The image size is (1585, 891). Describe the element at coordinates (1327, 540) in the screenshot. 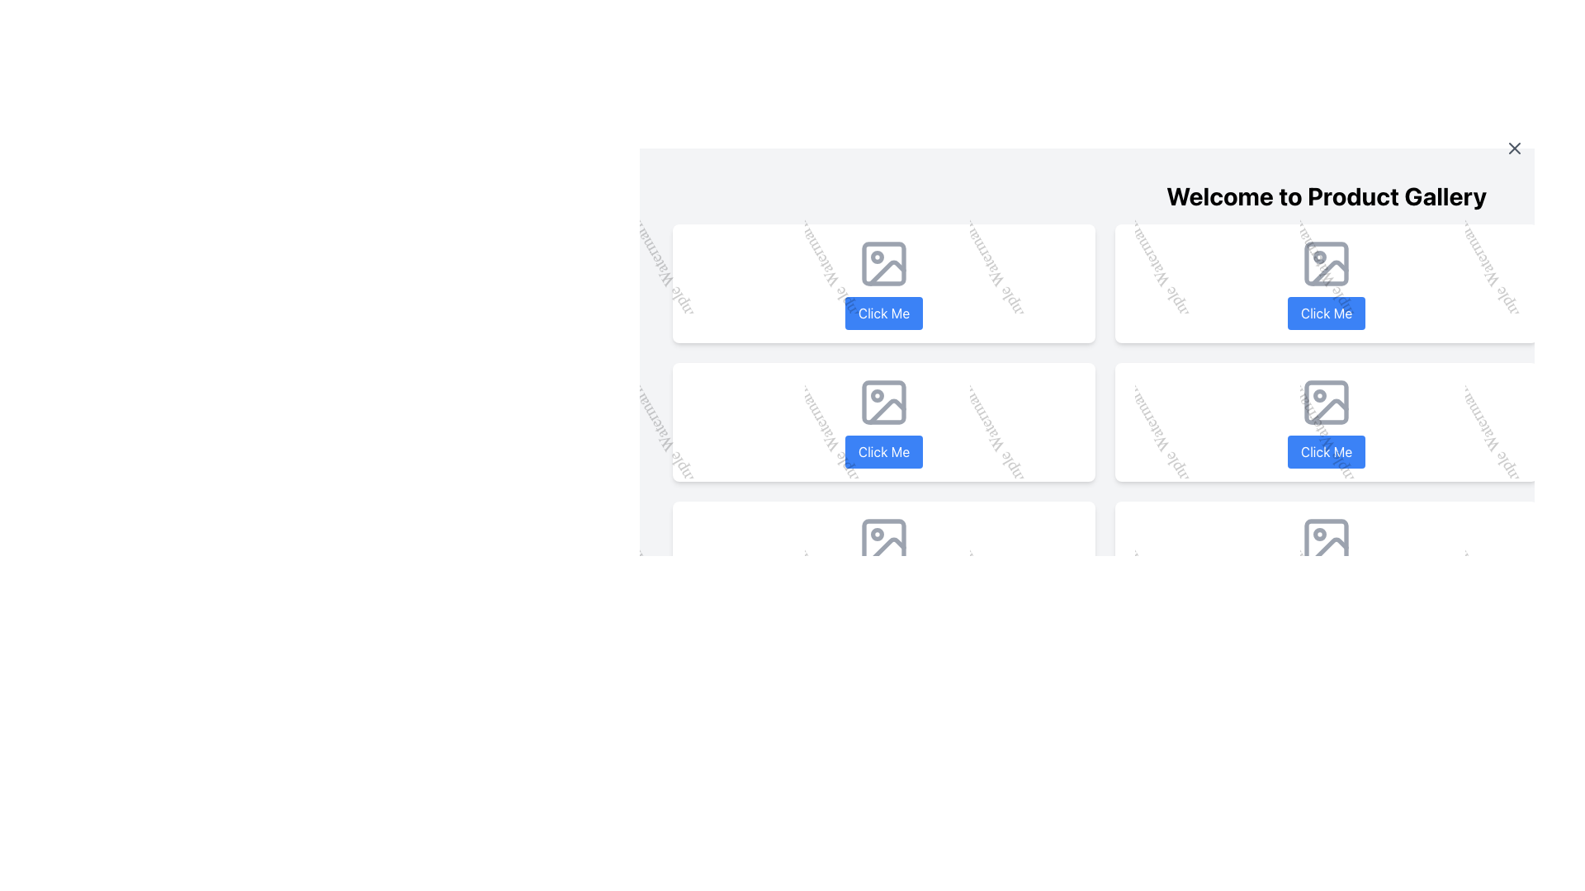

I see `the icon located in the second column of the bottom row of a grid layout, which serves as an image or photo placeholder` at that location.